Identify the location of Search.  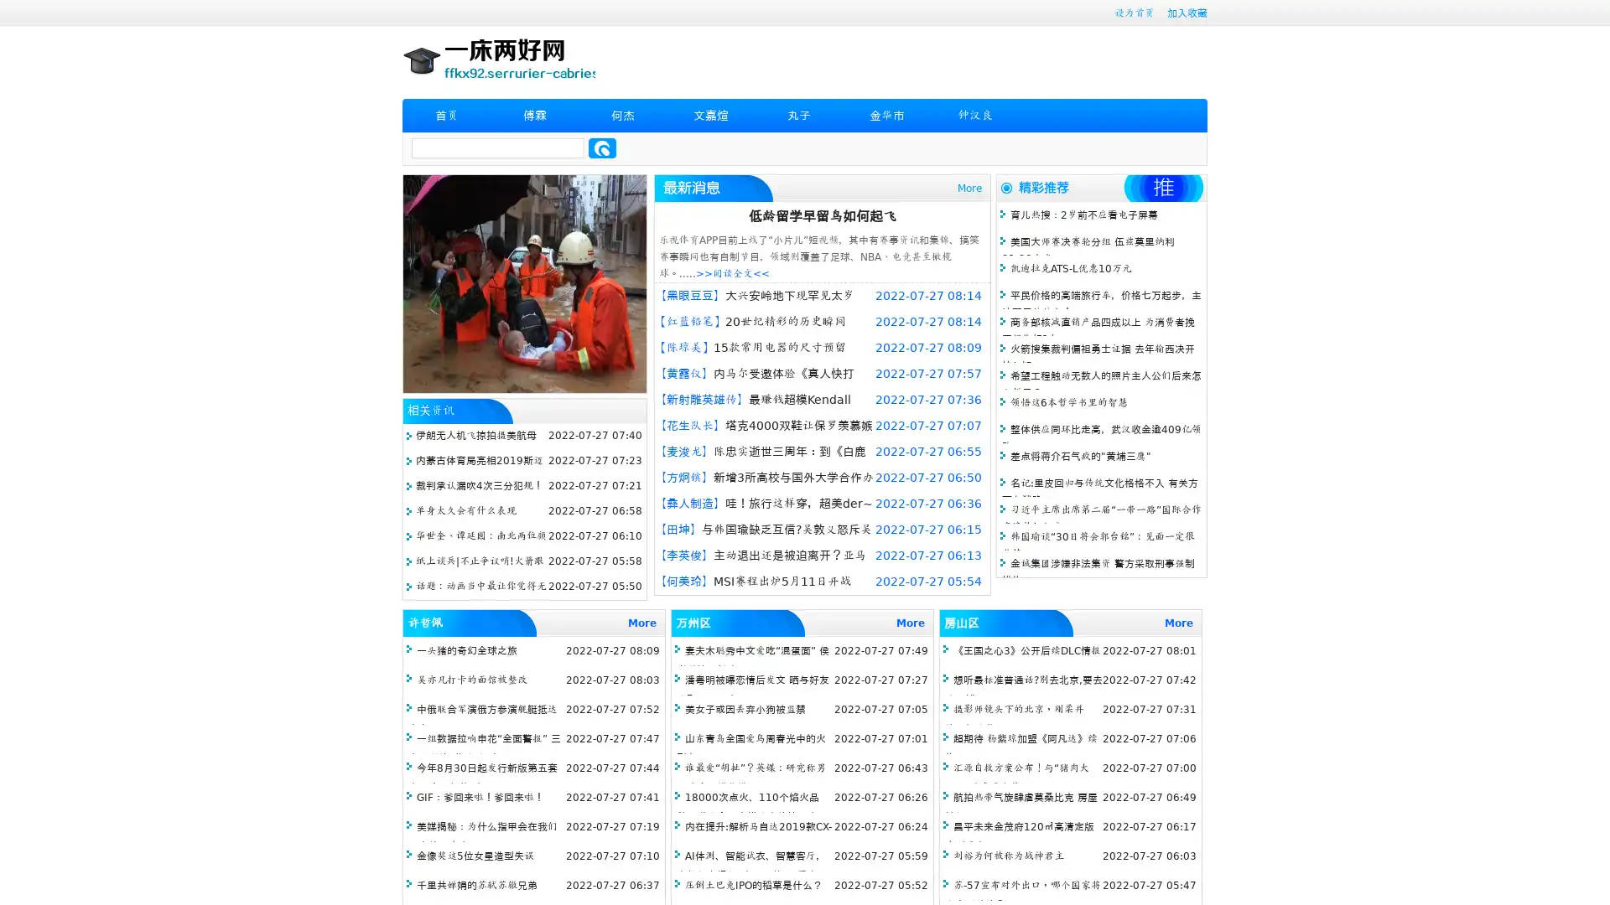
(602, 147).